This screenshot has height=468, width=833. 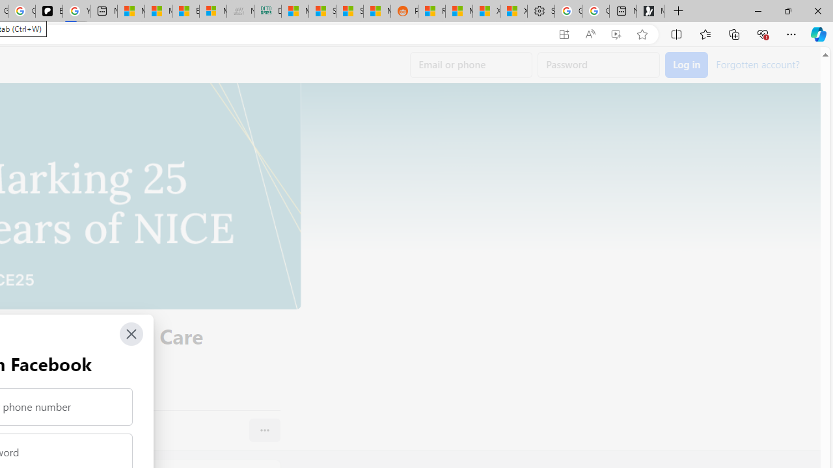 What do you see at coordinates (240, 11) in the screenshot?
I see `'Navy Quest'` at bounding box center [240, 11].